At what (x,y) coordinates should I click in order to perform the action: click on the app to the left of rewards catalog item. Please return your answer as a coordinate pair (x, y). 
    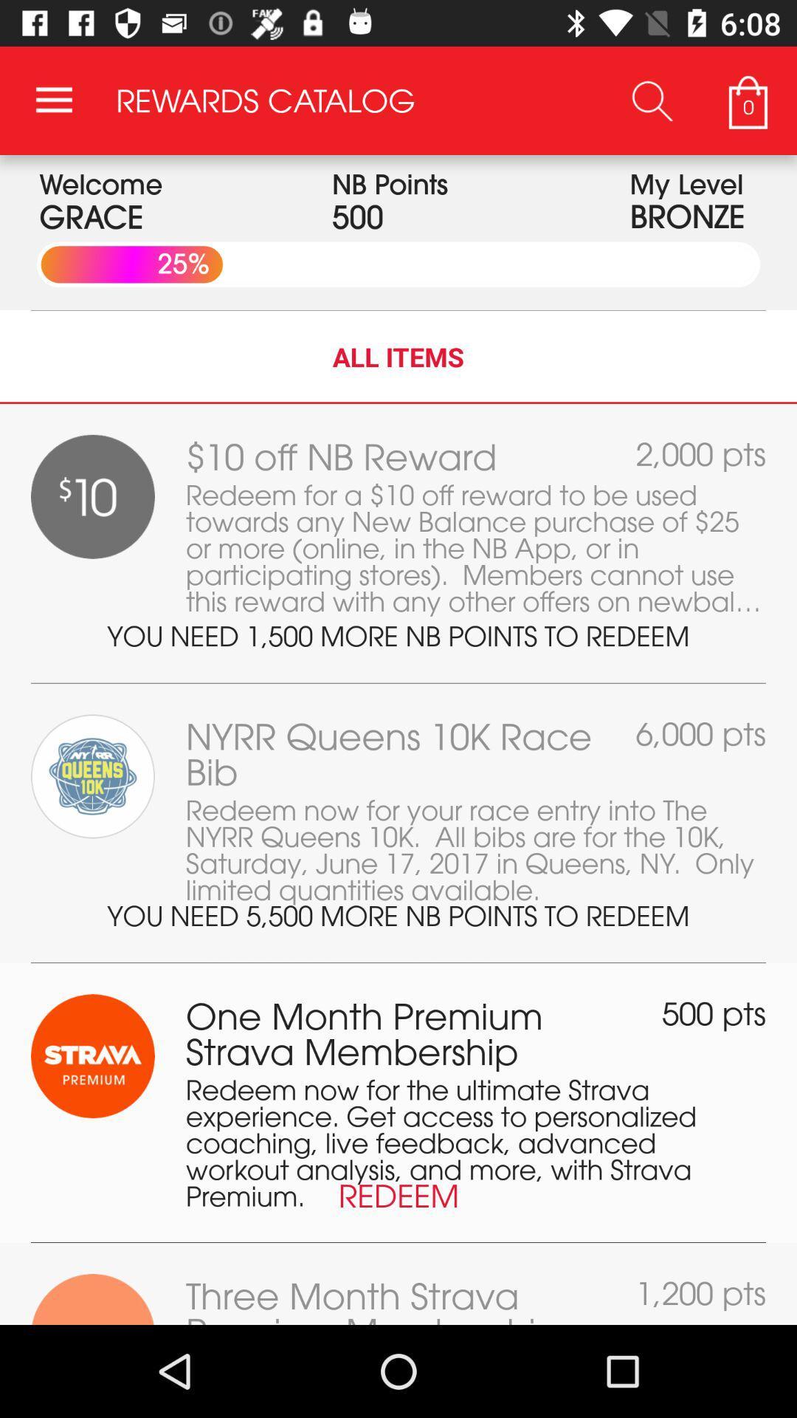
    Looking at the image, I should click on (53, 100).